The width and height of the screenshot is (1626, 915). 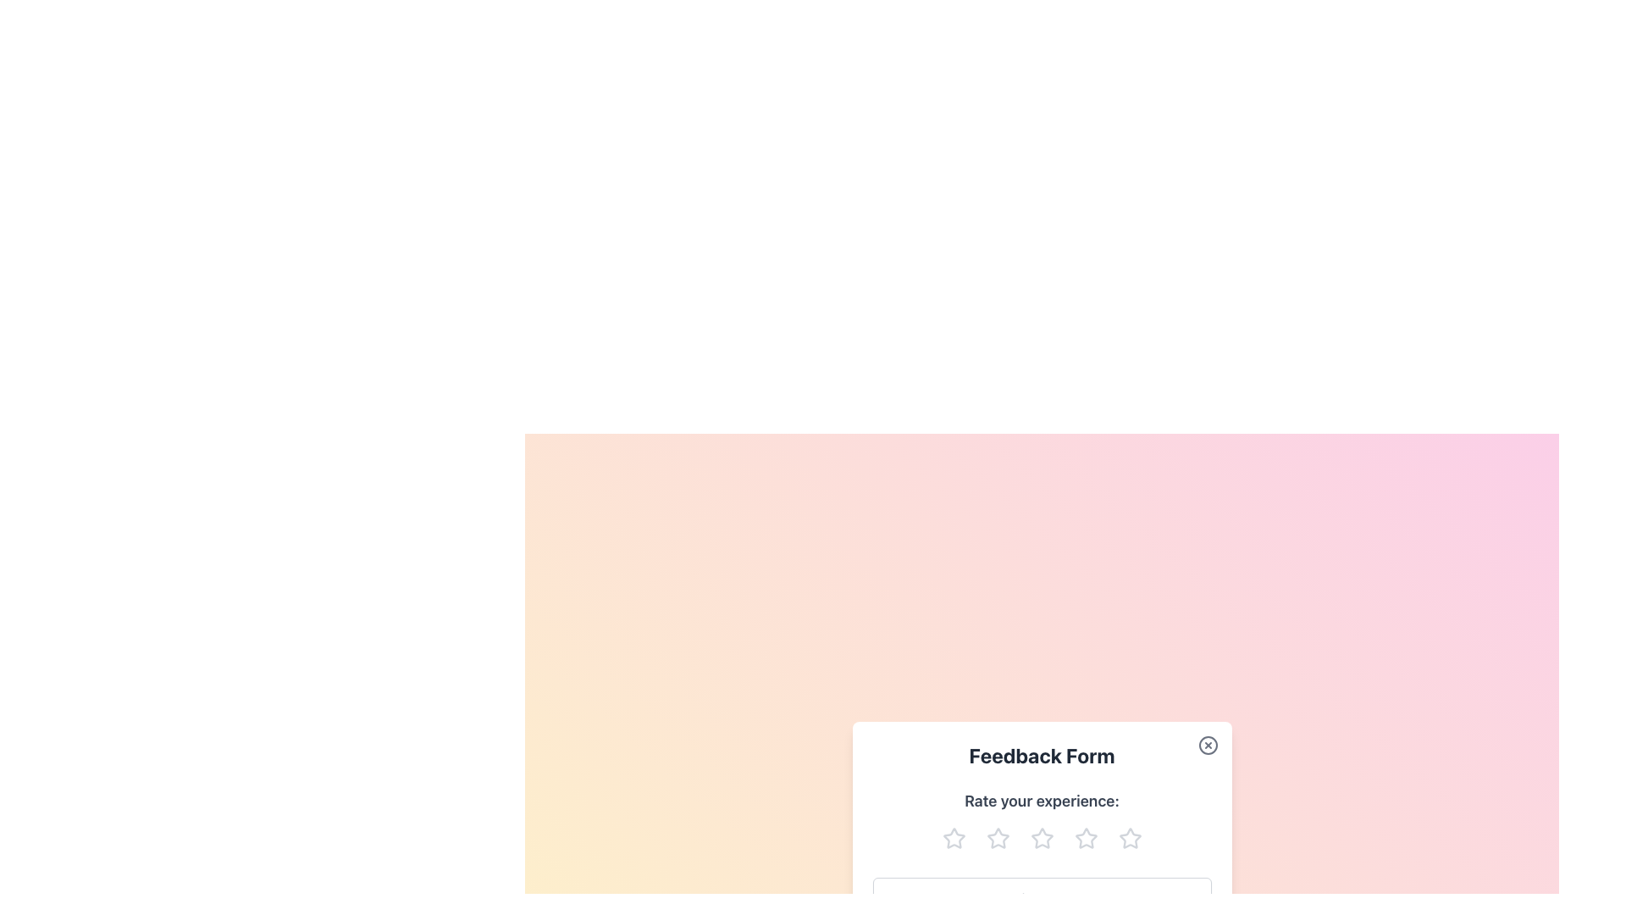 I want to click on the third star in the Rating input element located beneath the 'Rate your experience:' header, so click(x=1041, y=839).